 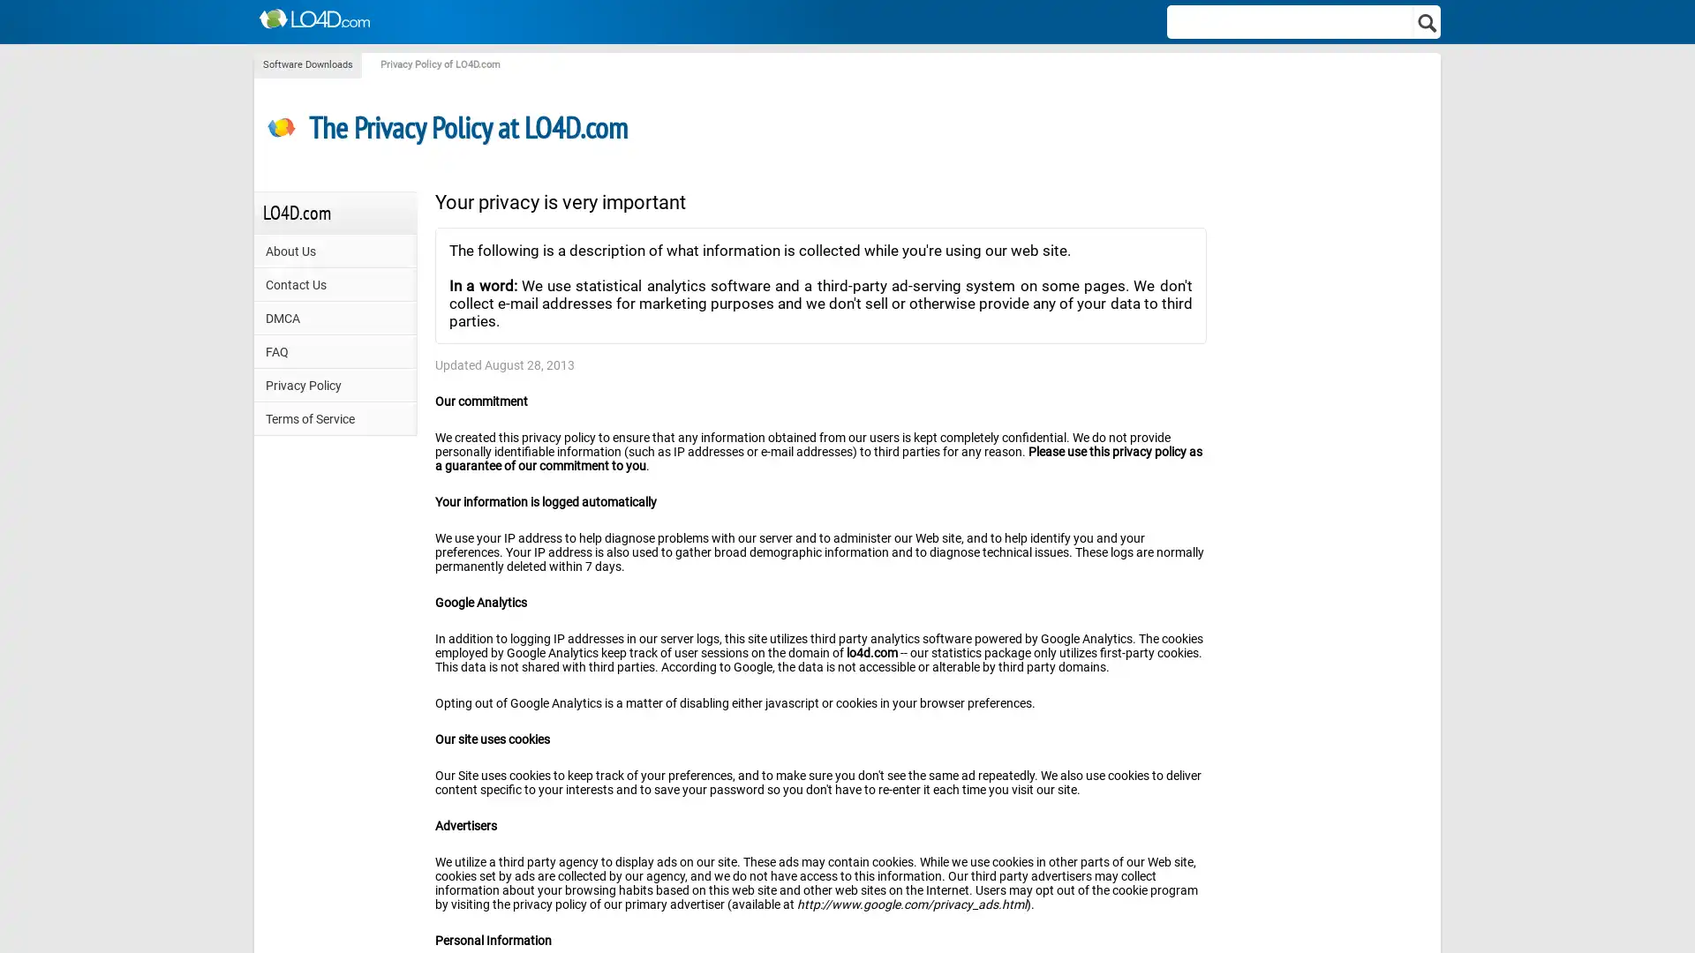 What do you see at coordinates (1428, 21) in the screenshot?
I see `Search` at bounding box center [1428, 21].